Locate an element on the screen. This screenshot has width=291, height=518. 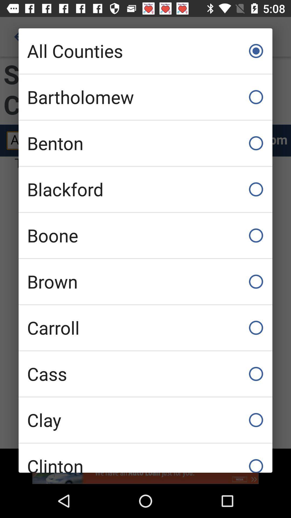
the item below clay item is located at coordinates (145, 458).